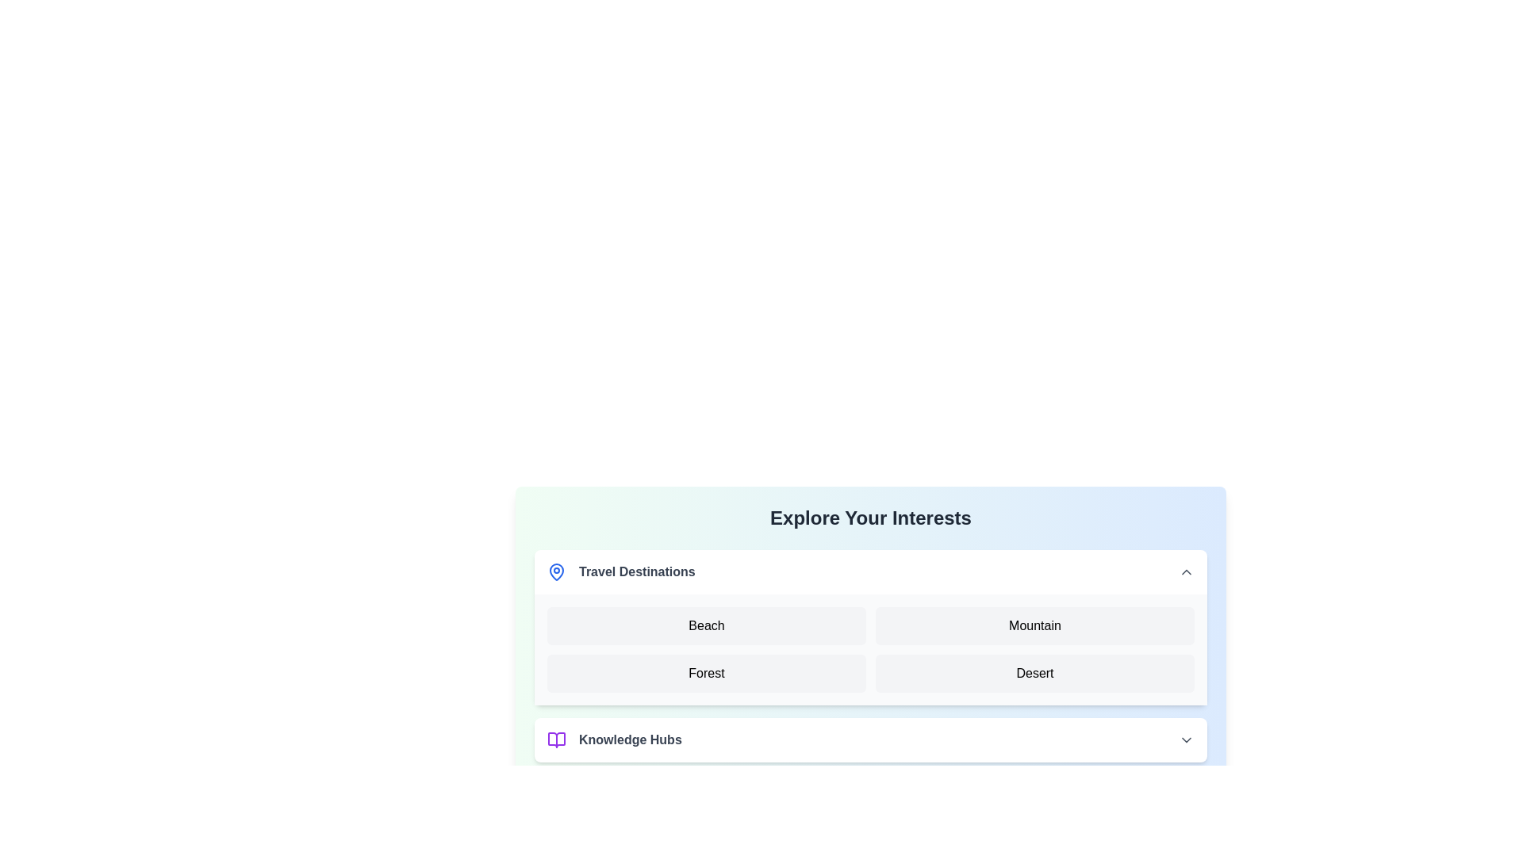  Describe the element at coordinates (1187, 571) in the screenshot. I see `the Chevron toggle icon located in the top-right corner of the 'Travel Destinations' section` at that location.